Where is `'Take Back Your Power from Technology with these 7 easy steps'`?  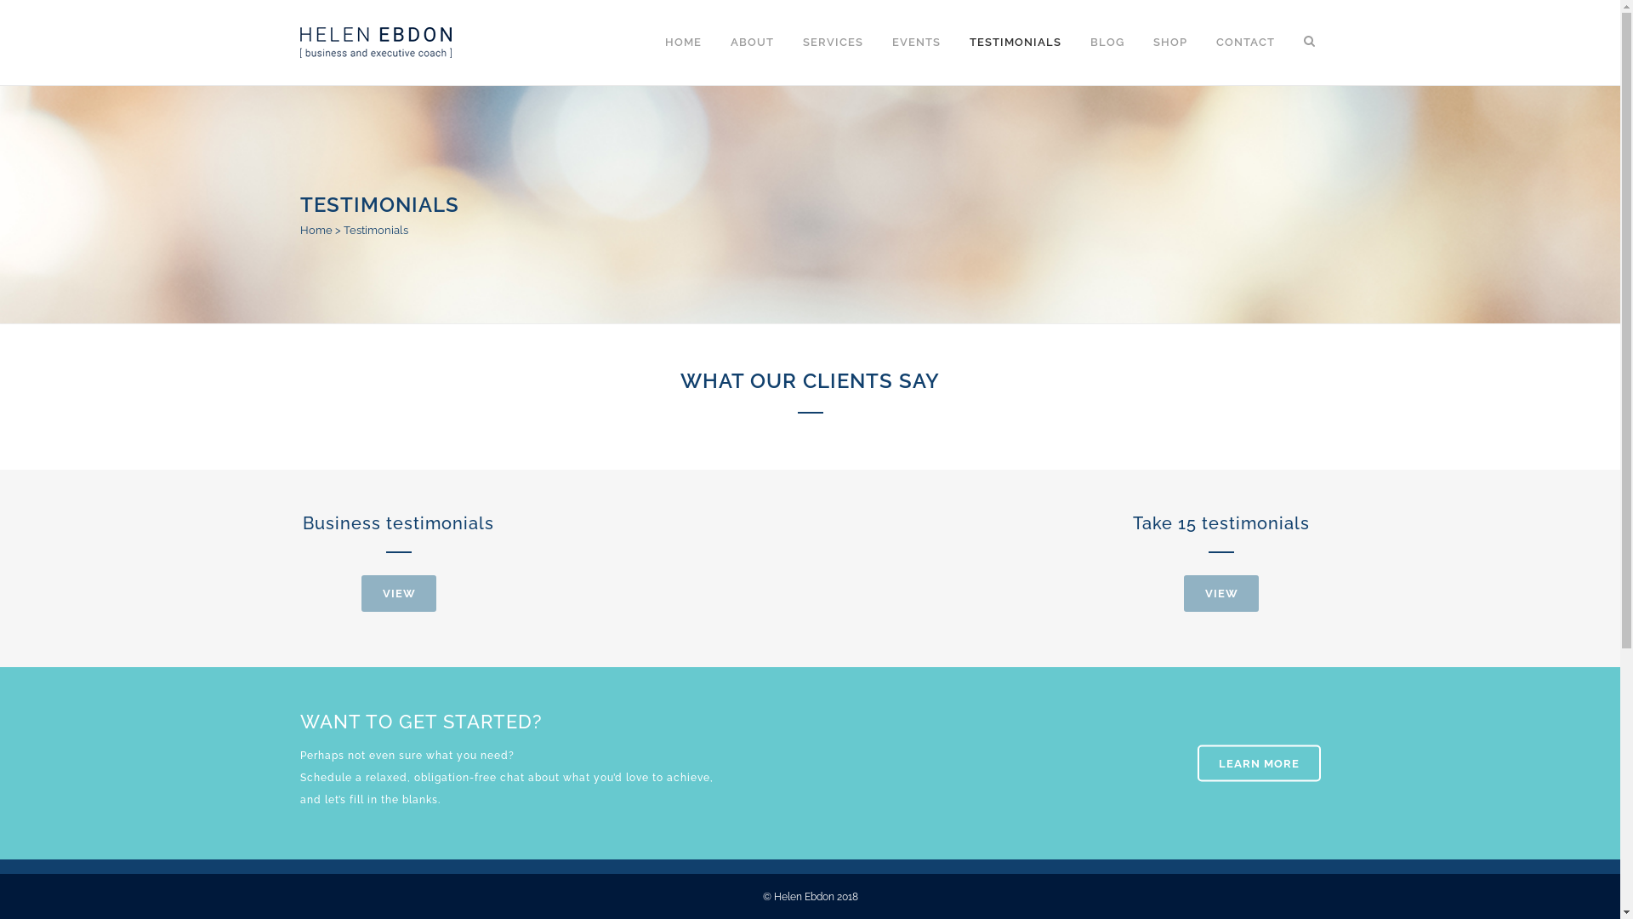
'Take Back Your Power from Technology with these 7 easy steps' is located at coordinates (686, 712).